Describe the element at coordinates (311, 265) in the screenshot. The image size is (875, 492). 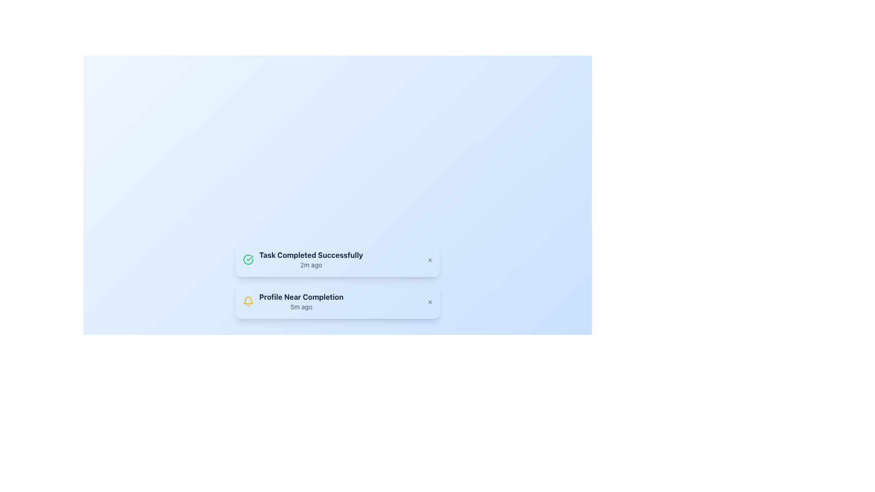
I see `the timestamp Text Label that indicates when the associated task was completed, which is located below the text 'Task Completed Successfully' in the upper section of the UI` at that location.